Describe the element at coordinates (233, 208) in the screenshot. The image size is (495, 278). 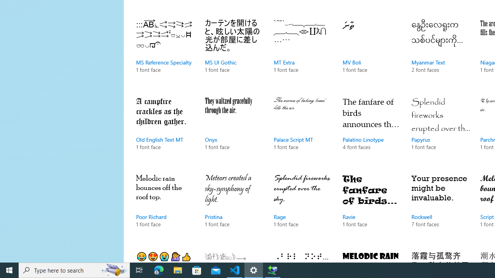
I see `'Pristina, 1 font face'` at that location.